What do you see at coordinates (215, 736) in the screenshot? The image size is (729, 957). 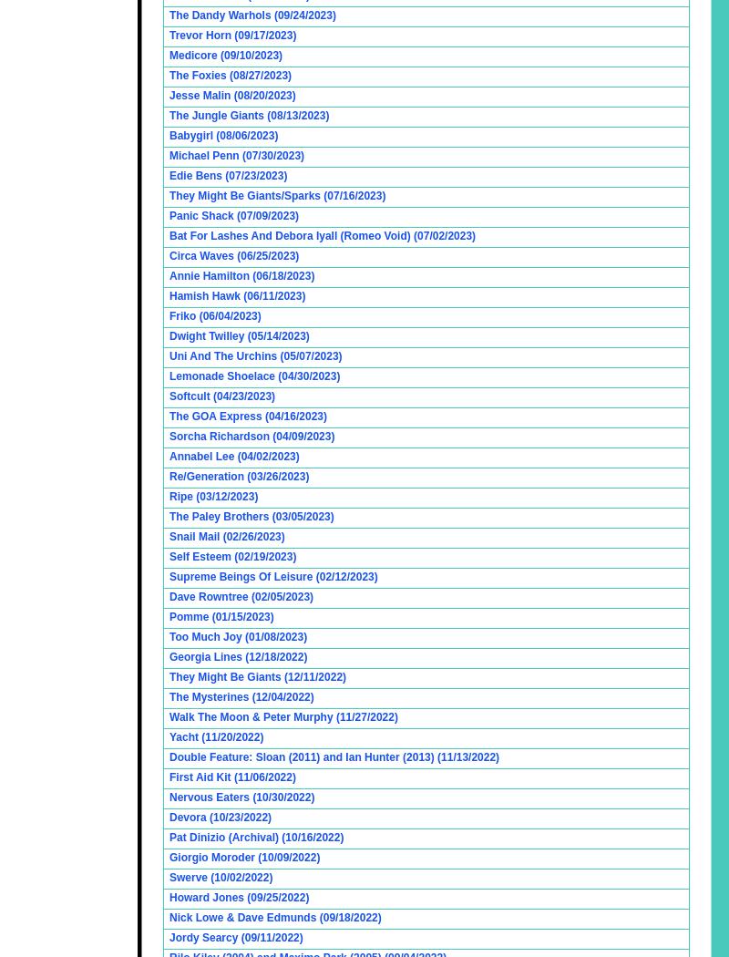 I see `'Yacht (11/20/2022)'` at bounding box center [215, 736].